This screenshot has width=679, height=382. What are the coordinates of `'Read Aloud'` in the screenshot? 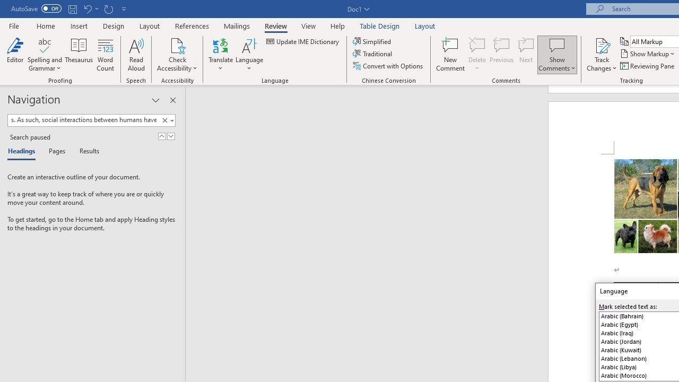 It's located at (135, 55).